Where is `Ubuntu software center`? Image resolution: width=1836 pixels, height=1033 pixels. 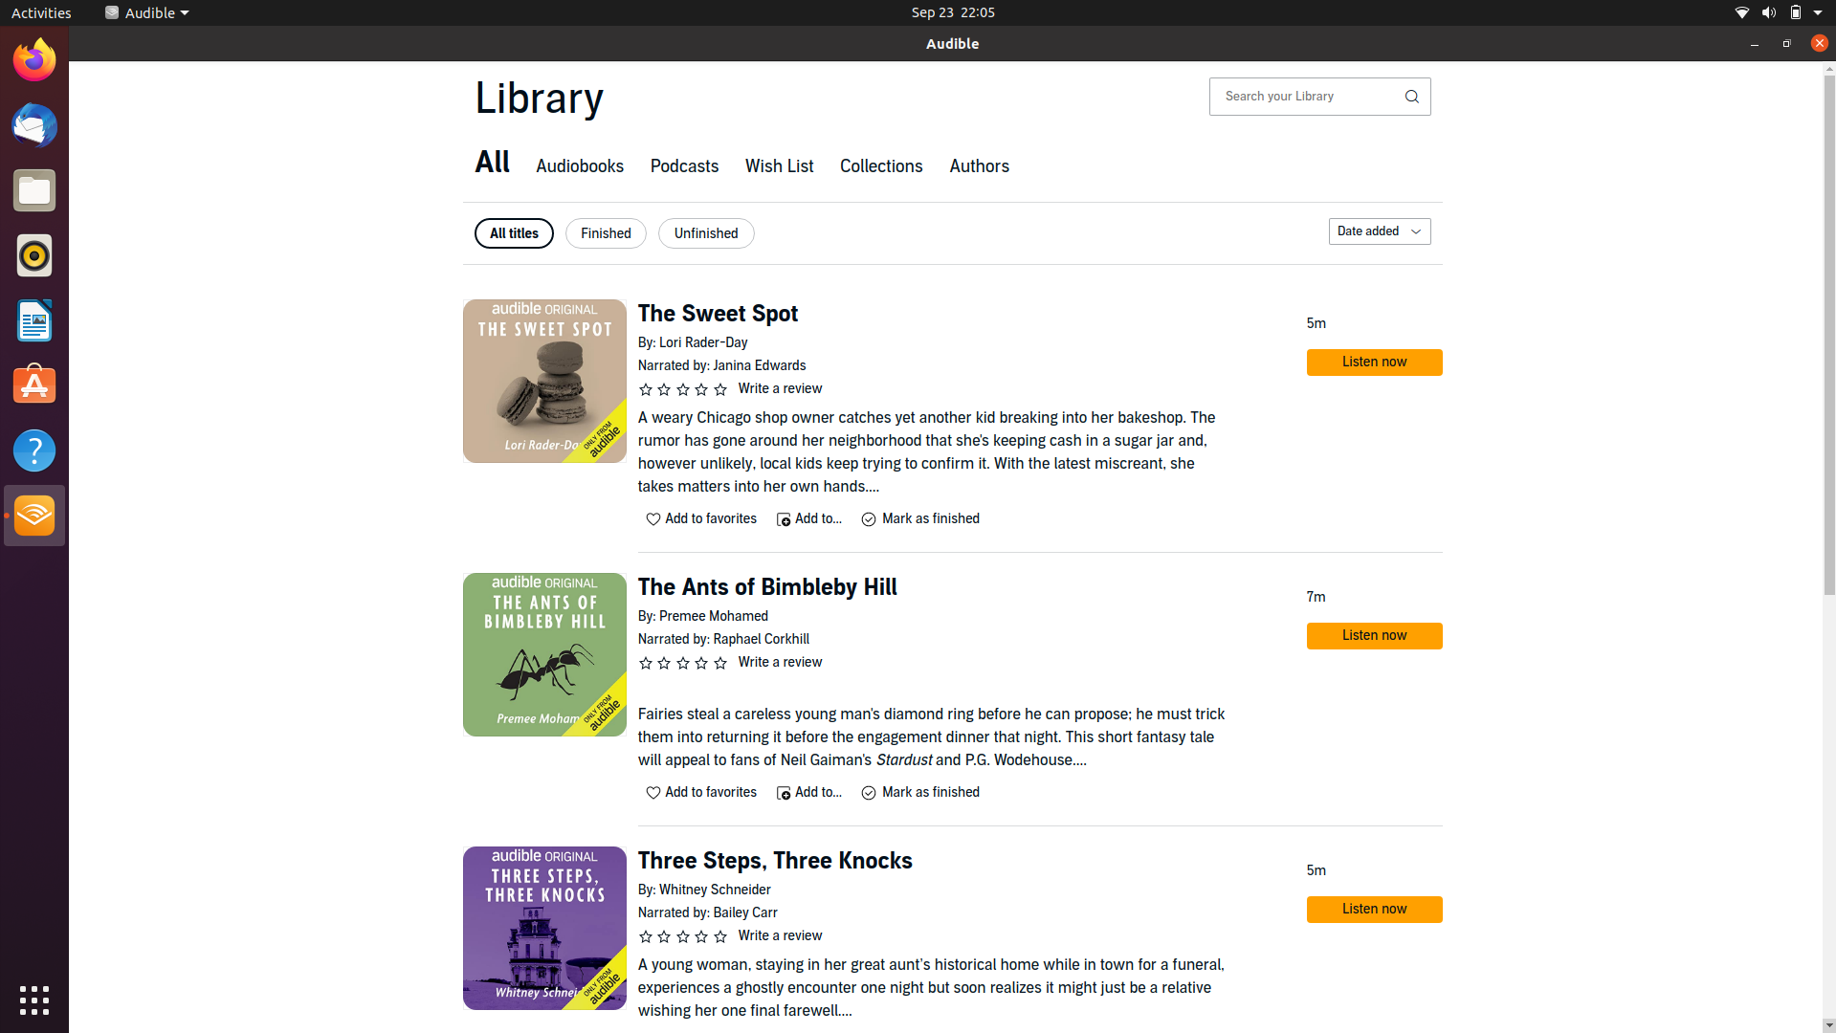 Ubuntu software center is located at coordinates (35, 384).